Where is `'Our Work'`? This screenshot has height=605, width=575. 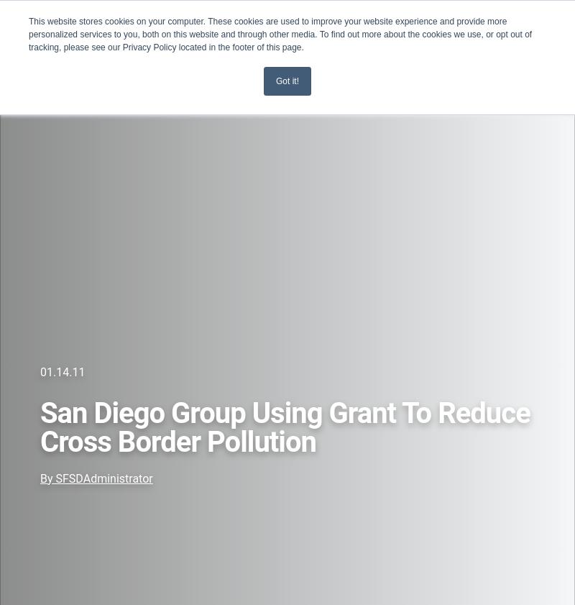
'Our Work' is located at coordinates (37, 155).